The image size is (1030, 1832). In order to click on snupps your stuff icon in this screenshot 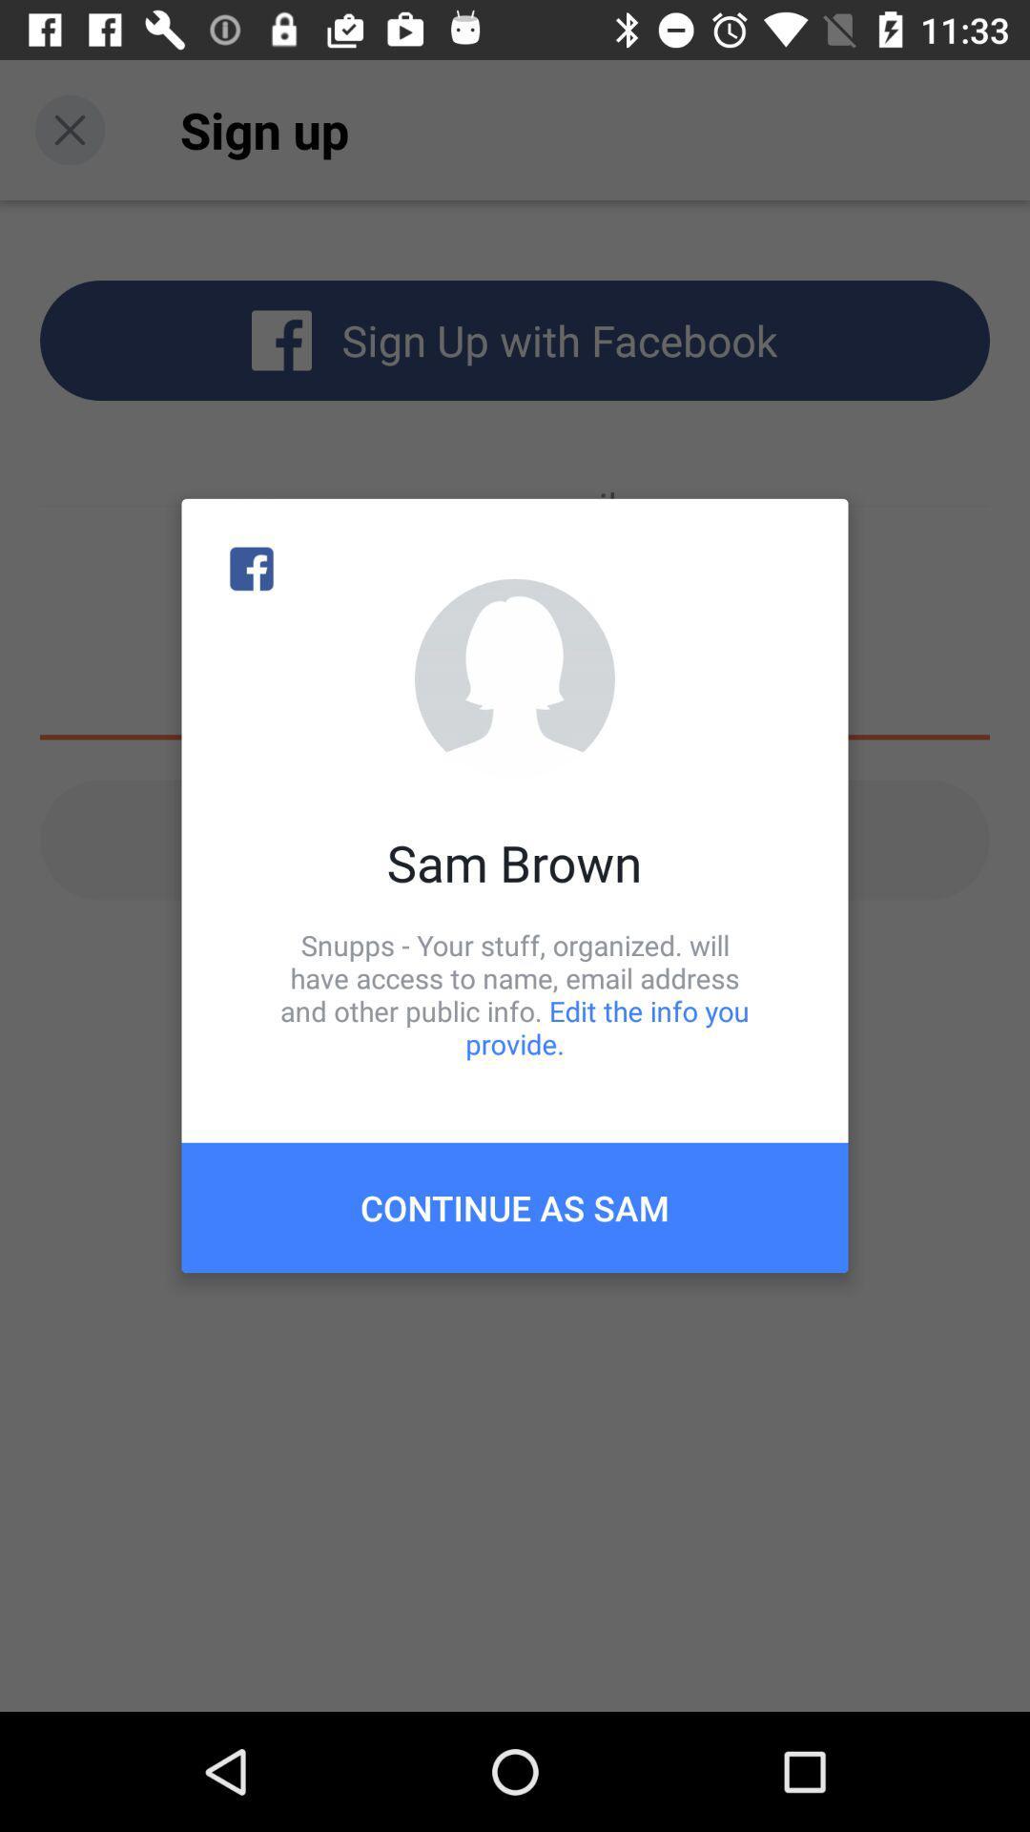, I will do `click(515, 993)`.